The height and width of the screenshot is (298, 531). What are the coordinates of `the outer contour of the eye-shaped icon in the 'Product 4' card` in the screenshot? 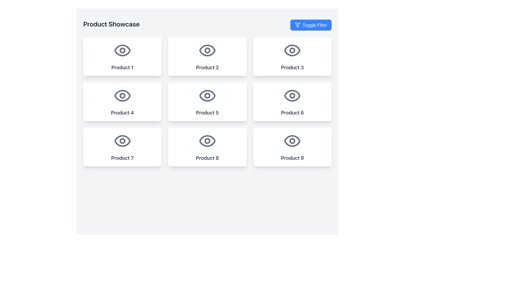 It's located at (122, 95).